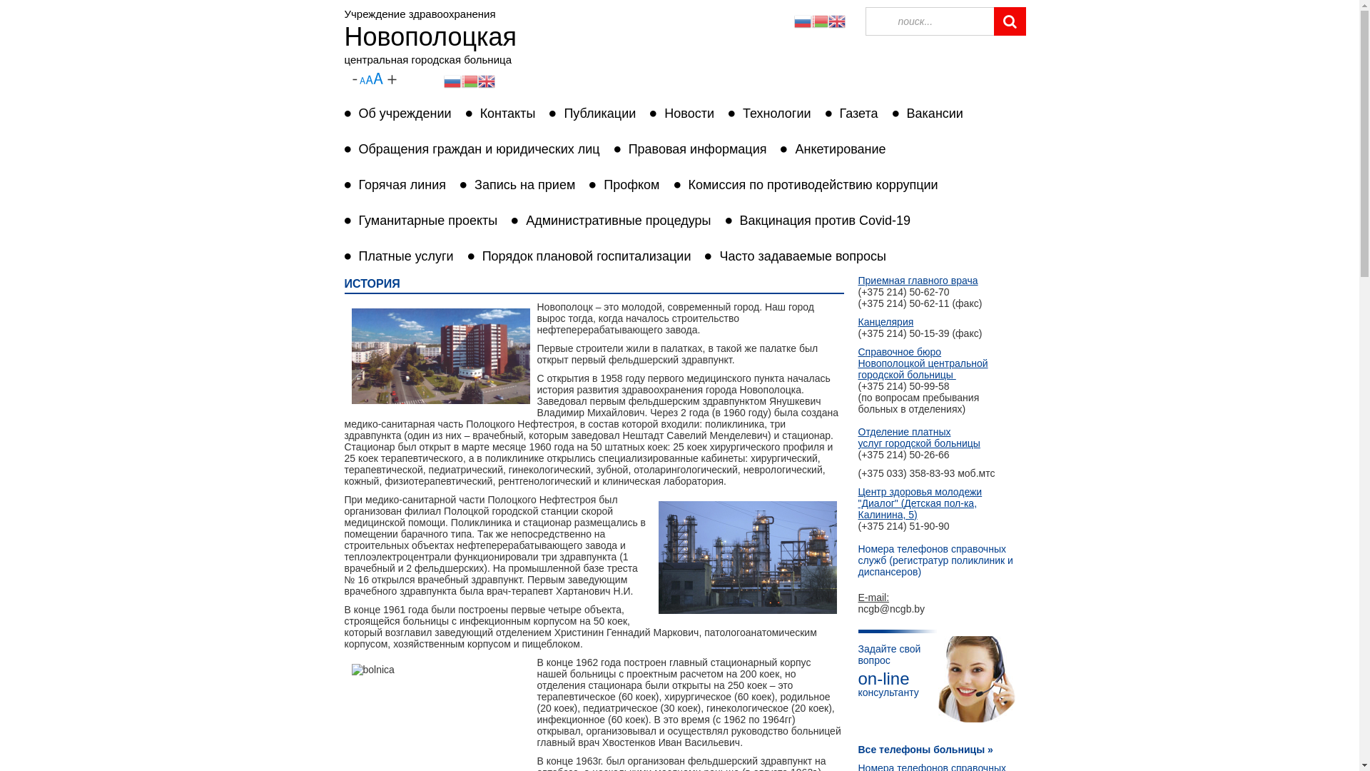 Image resolution: width=1370 pixels, height=771 pixels. I want to click on 'English', so click(486, 80).